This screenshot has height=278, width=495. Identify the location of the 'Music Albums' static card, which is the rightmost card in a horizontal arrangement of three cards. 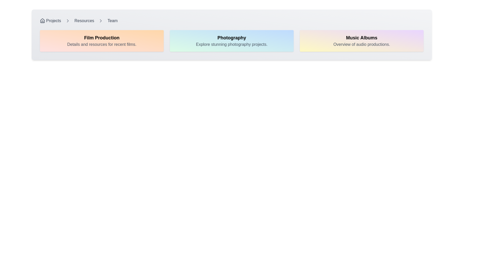
(361, 40).